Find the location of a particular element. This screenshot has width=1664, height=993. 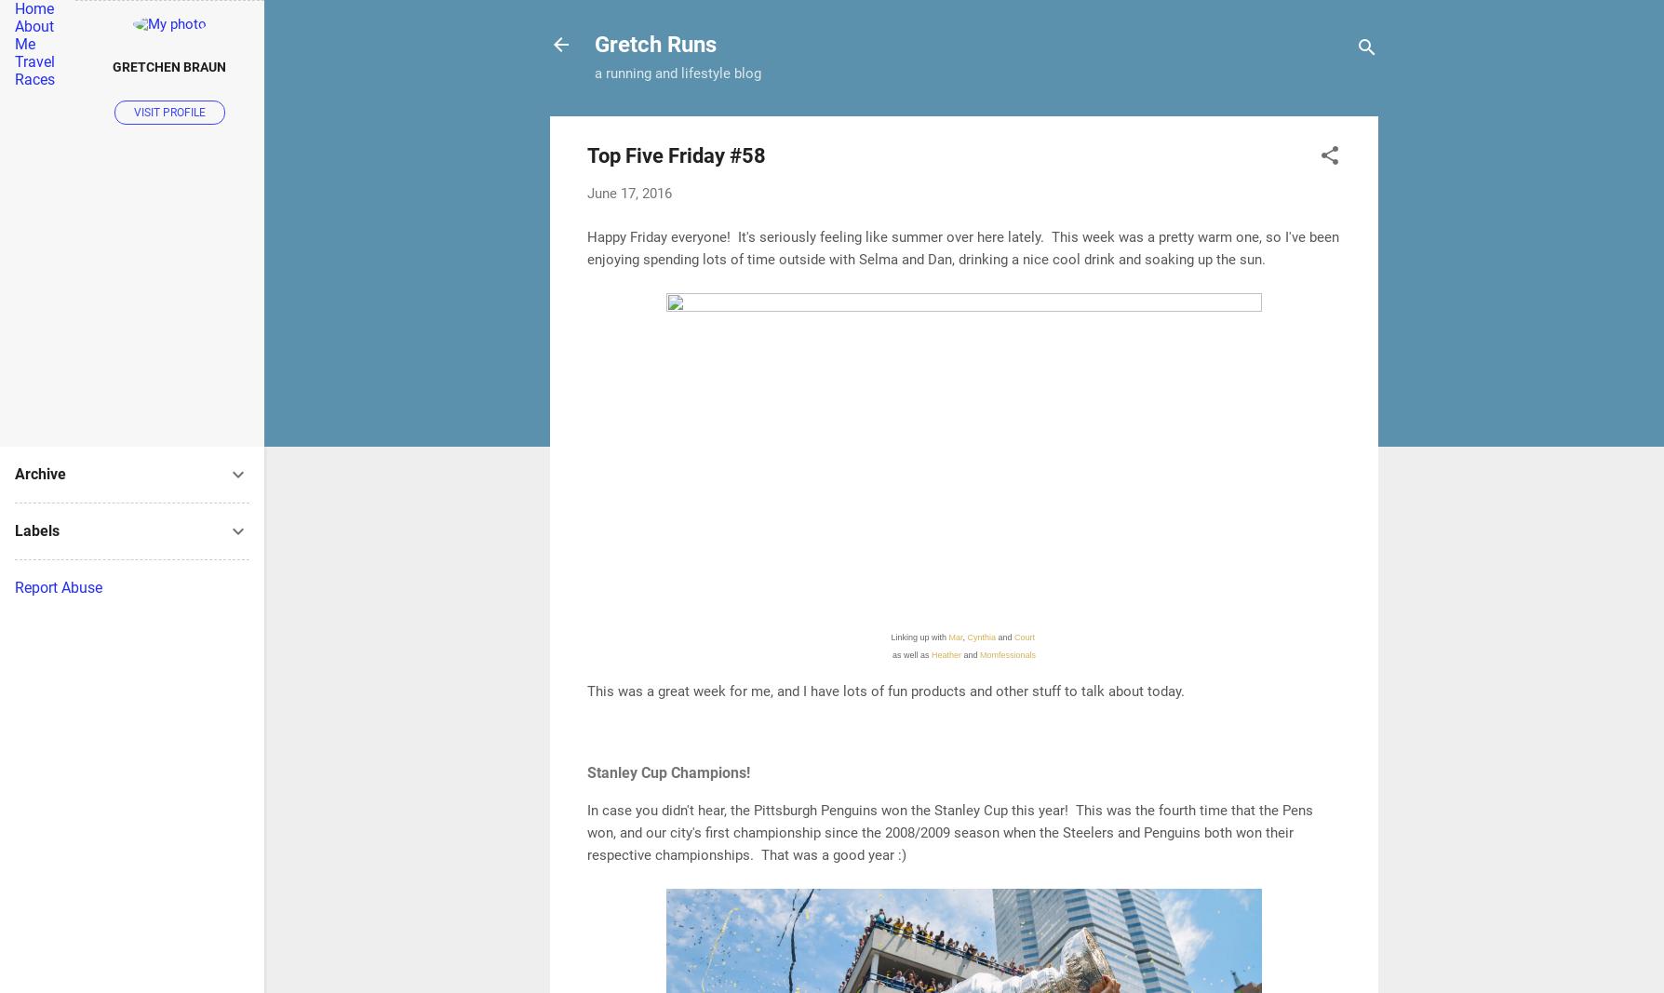

'Races' is located at coordinates (34, 78).